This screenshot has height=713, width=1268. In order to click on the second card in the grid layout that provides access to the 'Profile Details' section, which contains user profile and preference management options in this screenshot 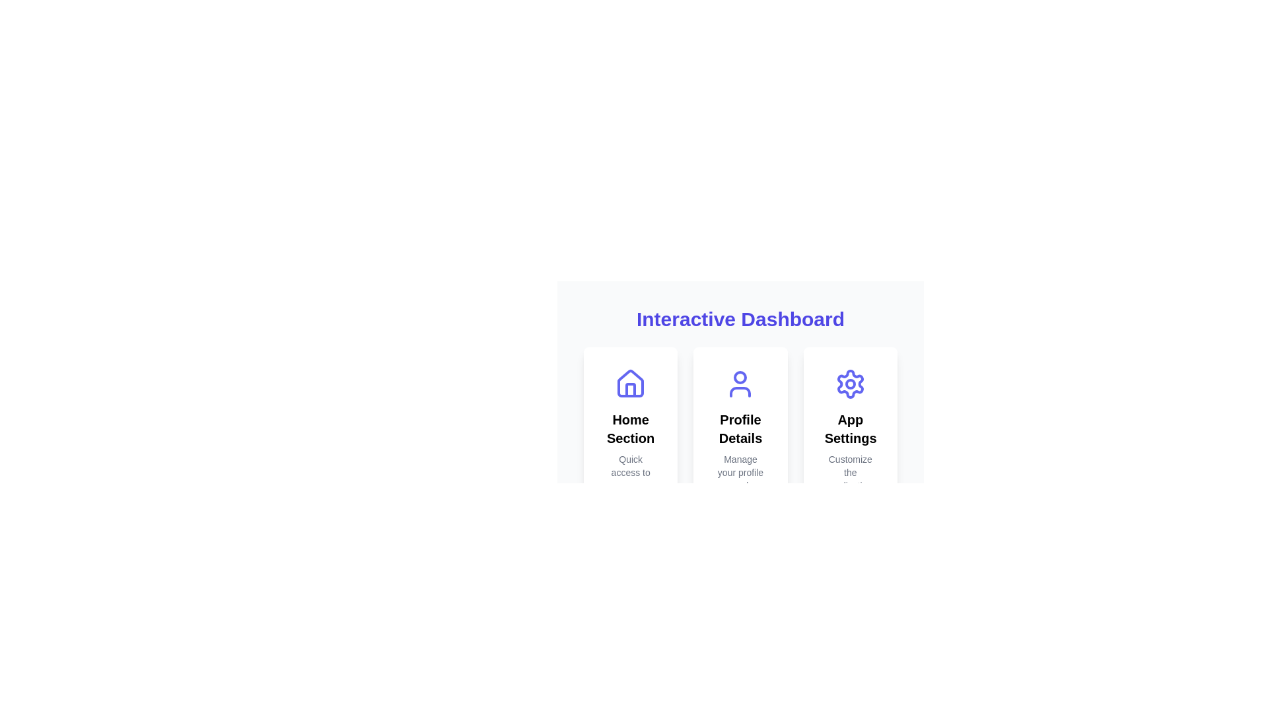, I will do `click(740, 450)`.